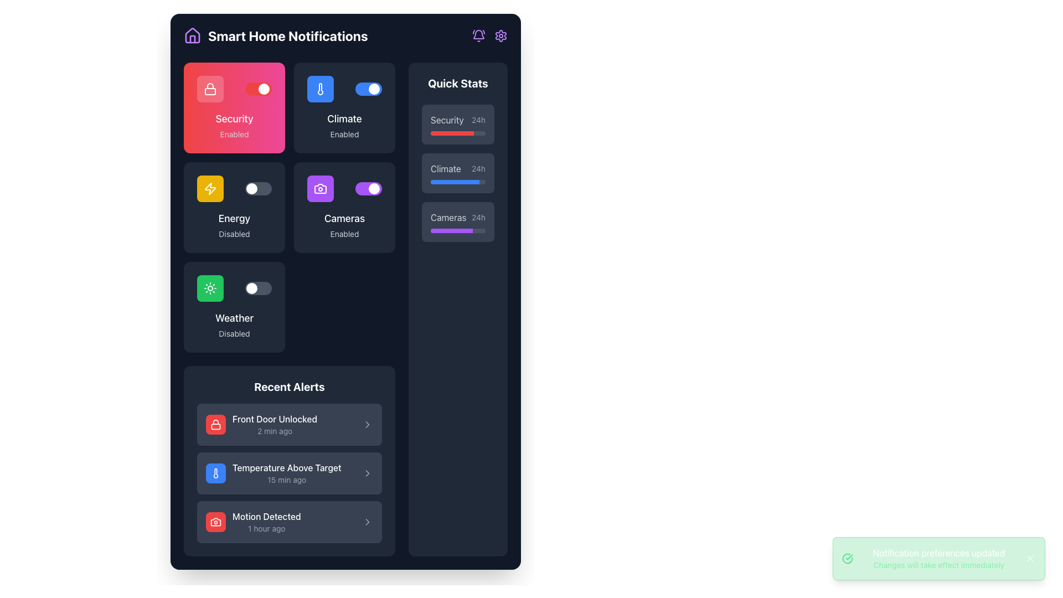 This screenshot has height=598, width=1063. Describe the element at coordinates (458, 222) in the screenshot. I see `the third item in the 'Quick Stats' section, which shows status and performance statistics for cameras over the latest 24-hour period` at that location.